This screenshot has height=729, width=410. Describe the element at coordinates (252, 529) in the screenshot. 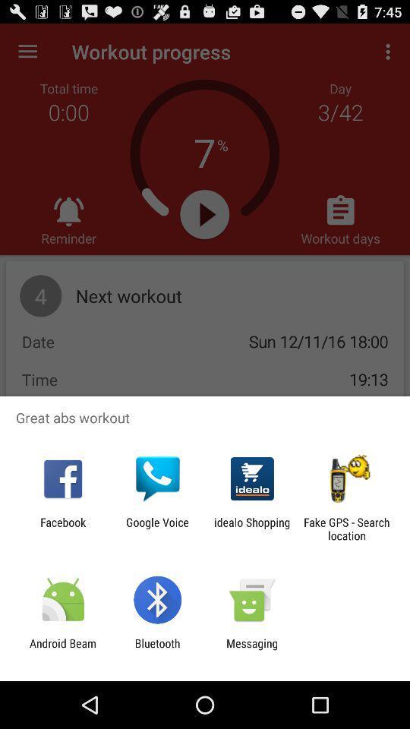

I see `icon to the right of the google voice app` at that location.